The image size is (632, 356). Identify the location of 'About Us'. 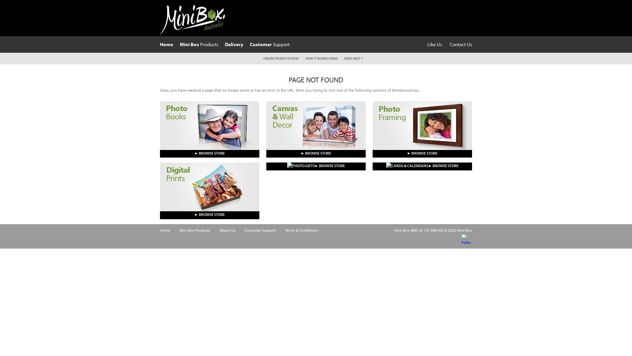
(227, 230).